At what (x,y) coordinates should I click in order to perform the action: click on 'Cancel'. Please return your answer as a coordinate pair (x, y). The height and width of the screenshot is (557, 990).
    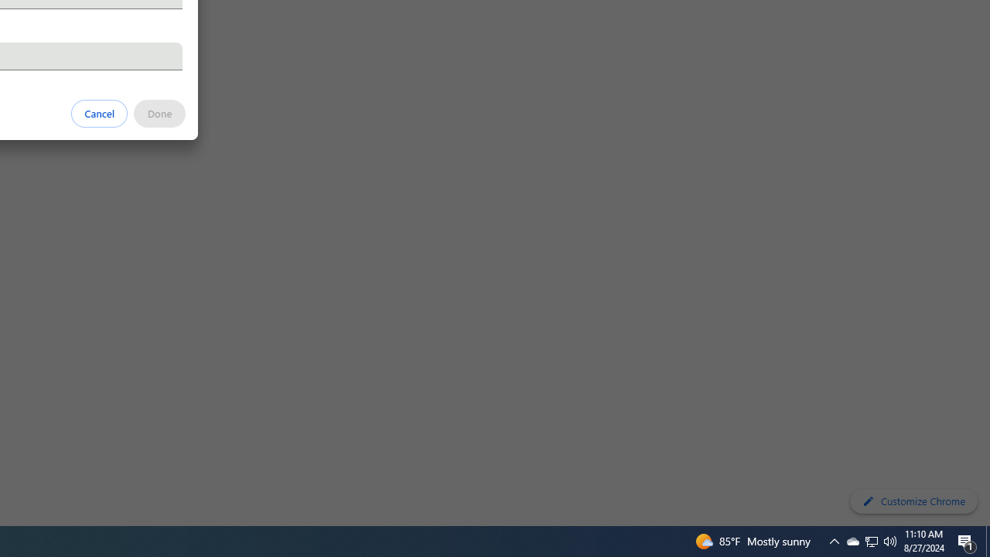
    Looking at the image, I should click on (99, 112).